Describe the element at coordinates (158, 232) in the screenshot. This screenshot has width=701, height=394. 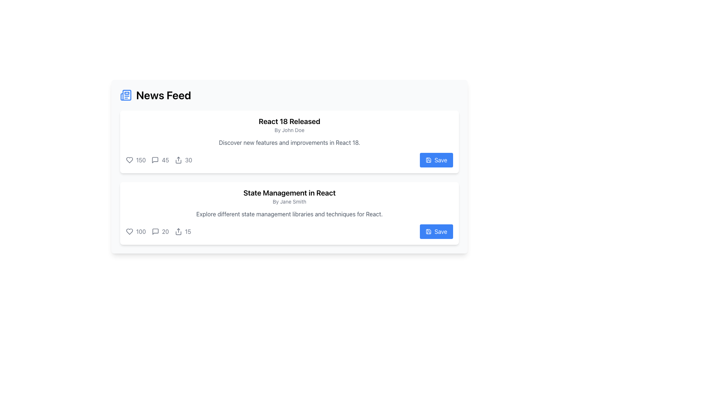
I see `the number '20' in the second card's counter element` at that location.